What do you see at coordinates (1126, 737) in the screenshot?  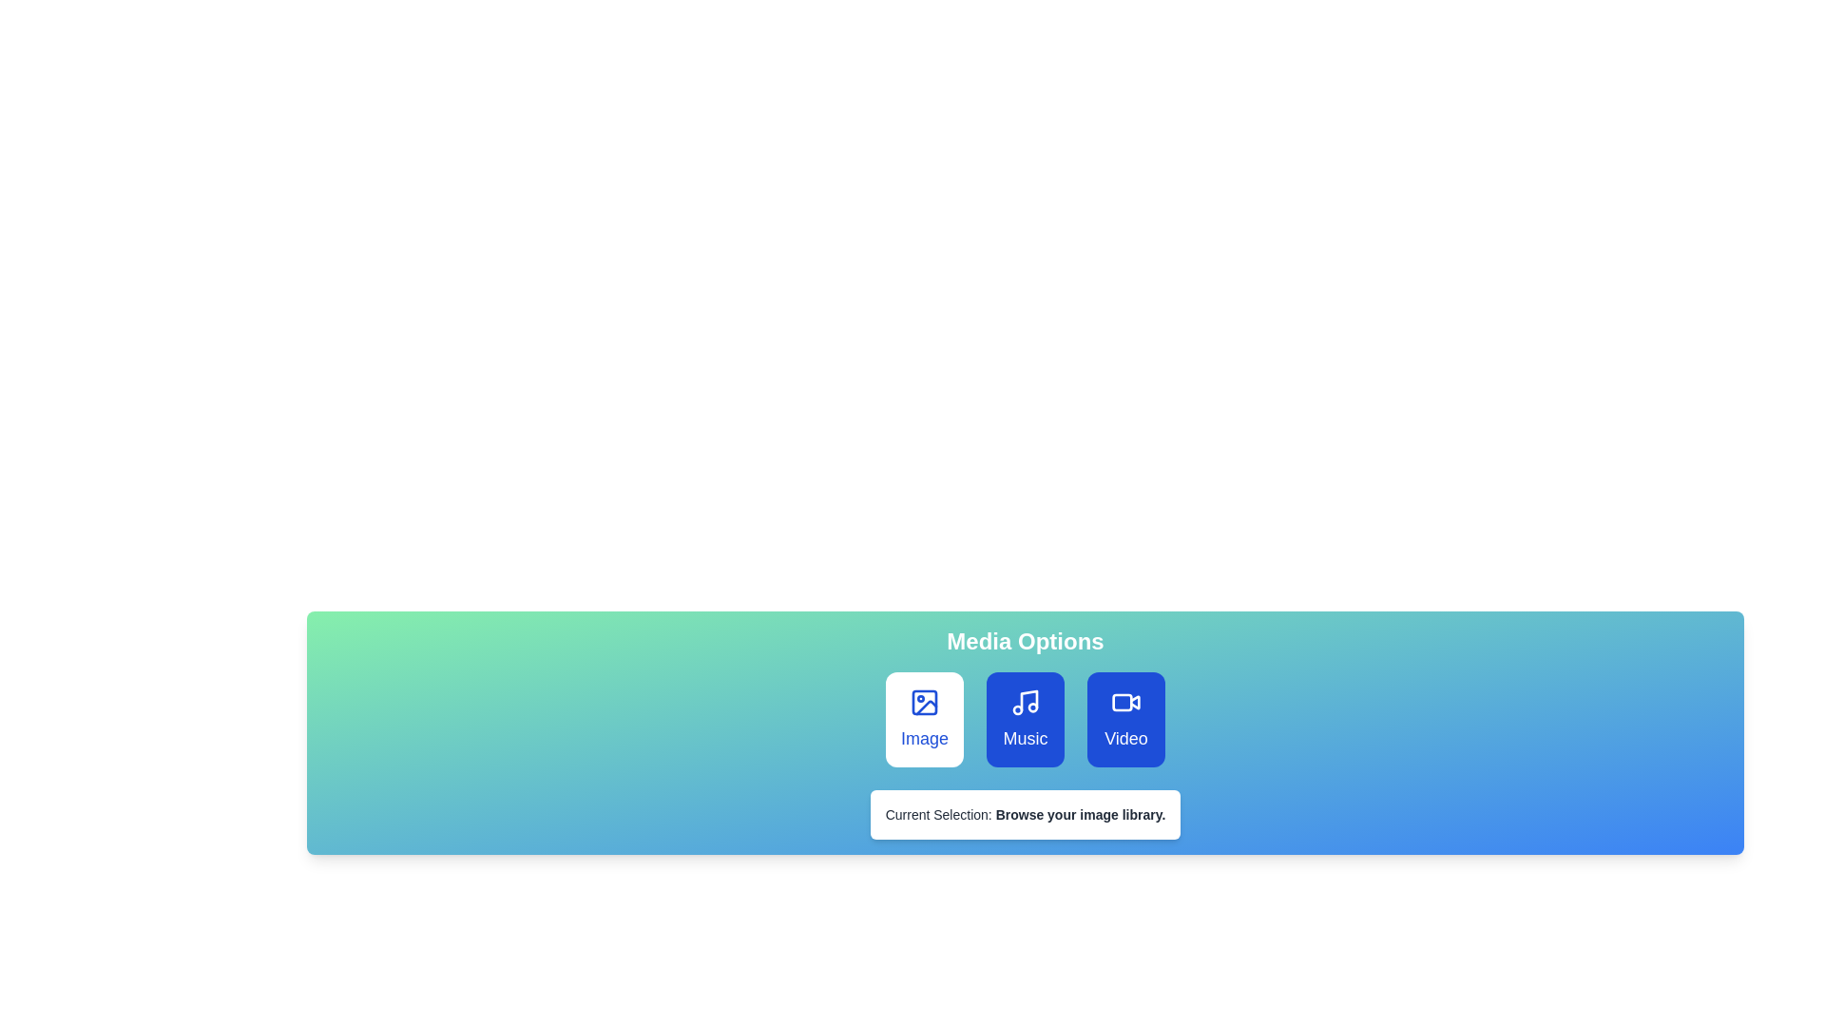 I see `text content of the 'Video' label, which is displayed in a medium-large white font on a blue background, located within the third button of a row in the footer` at bounding box center [1126, 737].